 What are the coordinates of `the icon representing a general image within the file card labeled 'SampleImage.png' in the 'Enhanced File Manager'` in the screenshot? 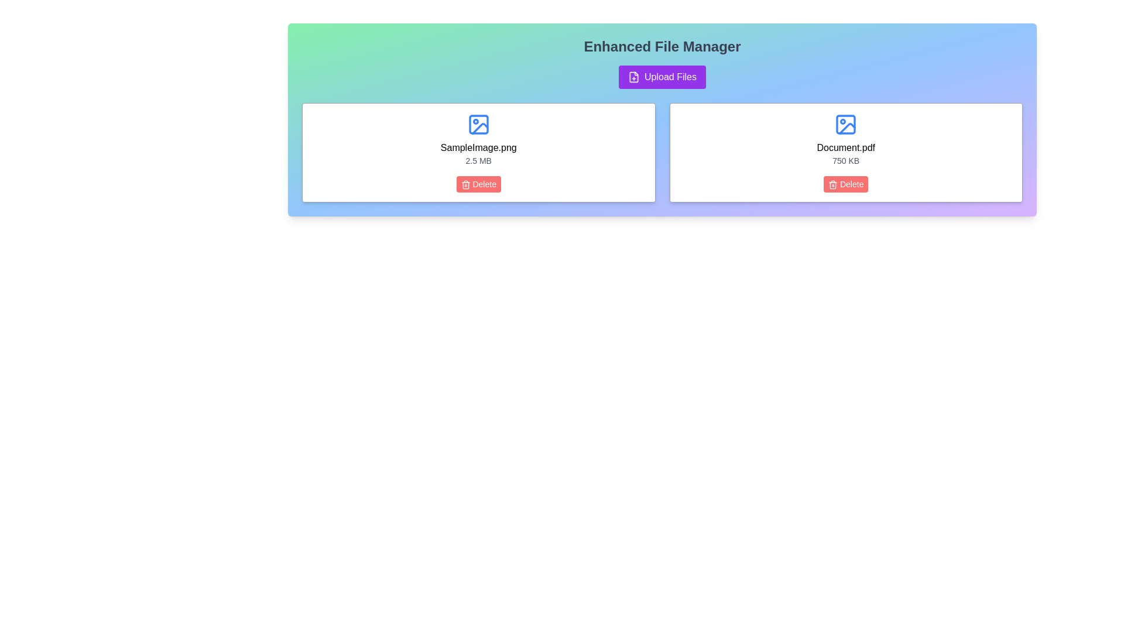 It's located at (478, 124).